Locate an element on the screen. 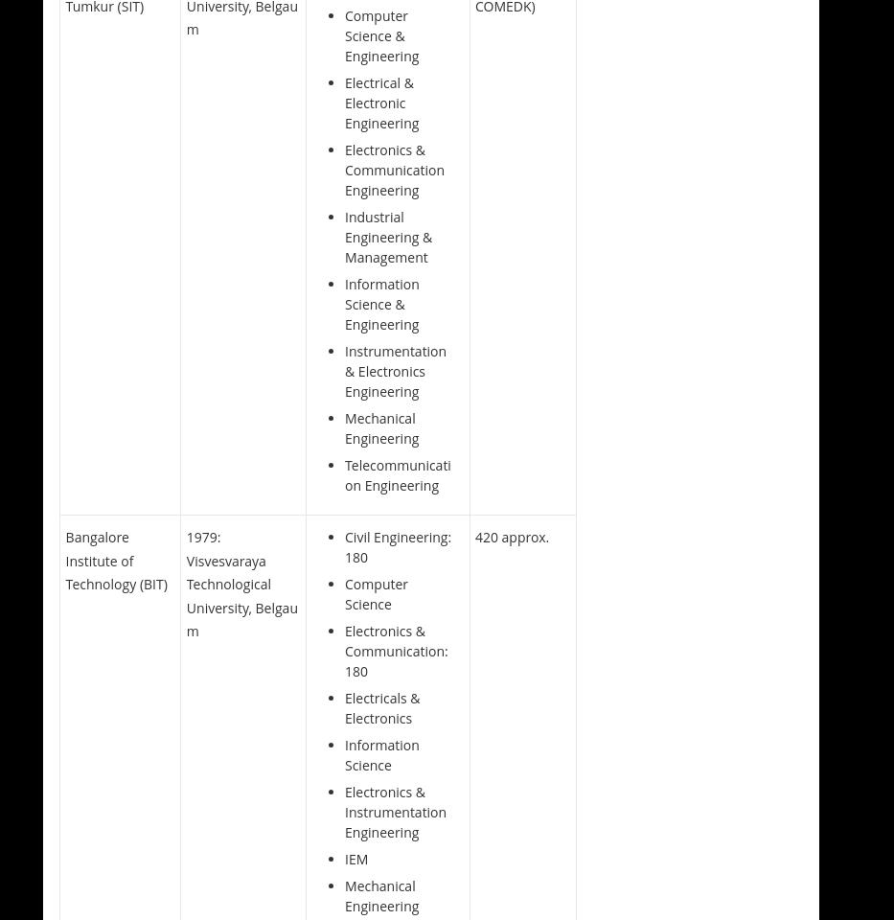  'Information Science' is located at coordinates (381, 754).